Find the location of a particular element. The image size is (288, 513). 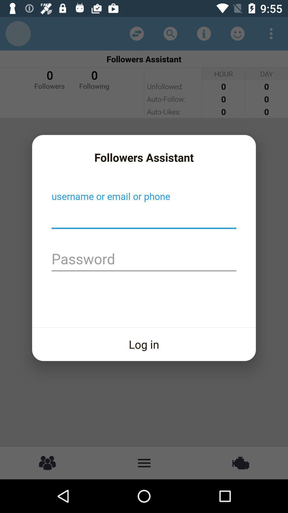

given to the bassword is located at coordinates (144, 259).